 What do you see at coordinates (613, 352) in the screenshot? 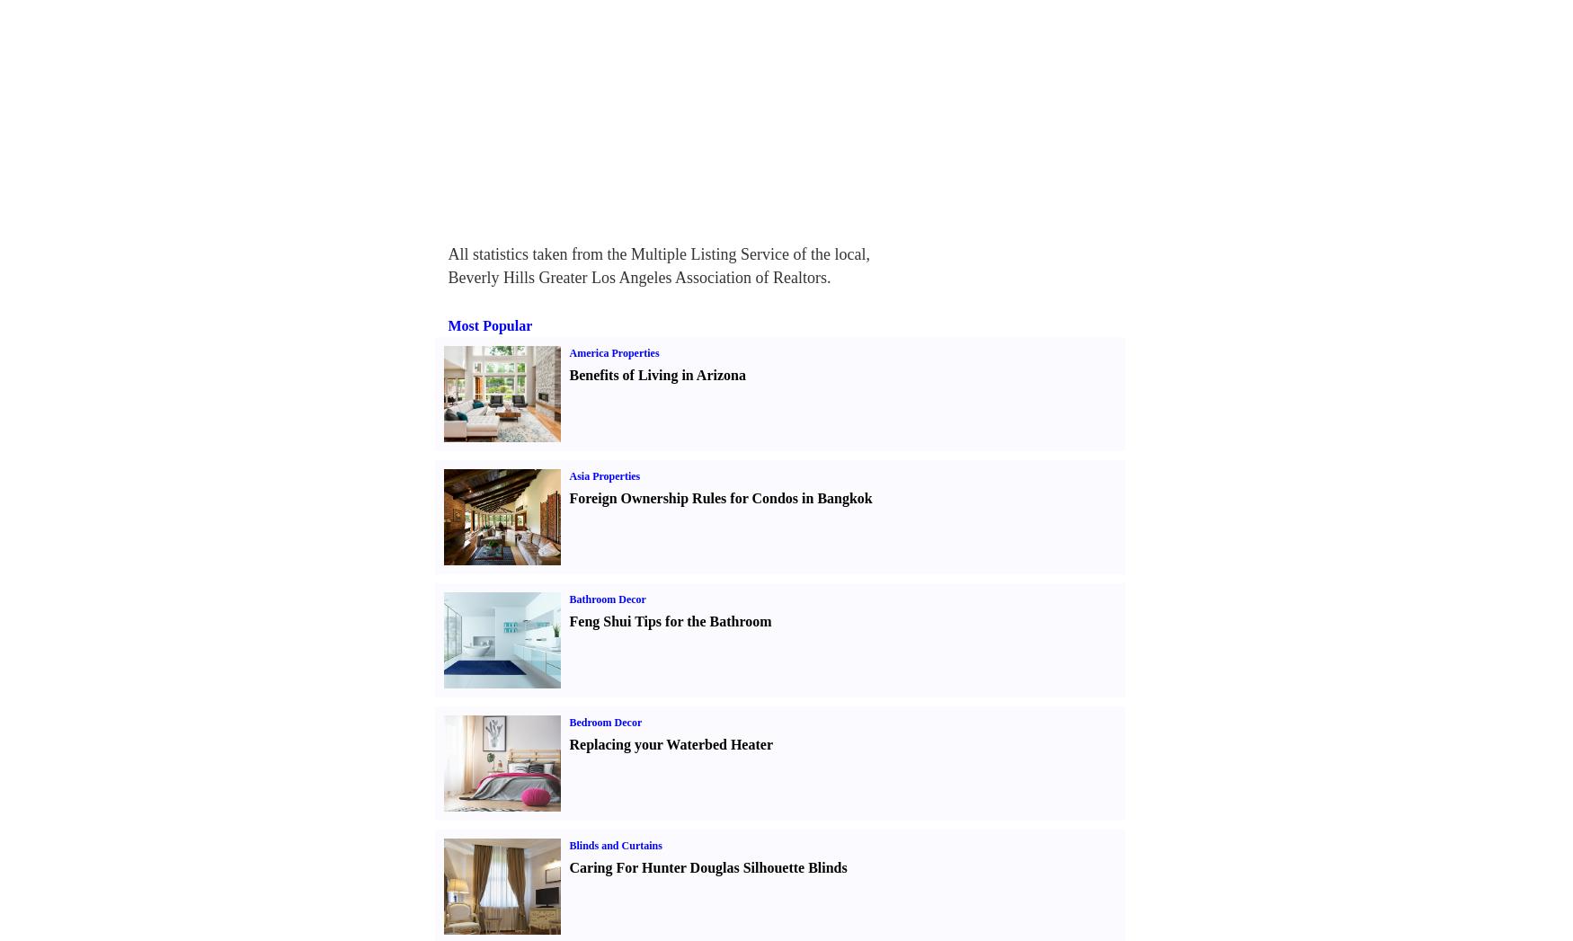
I see `'America Properties'` at bounding box center [613, 352].